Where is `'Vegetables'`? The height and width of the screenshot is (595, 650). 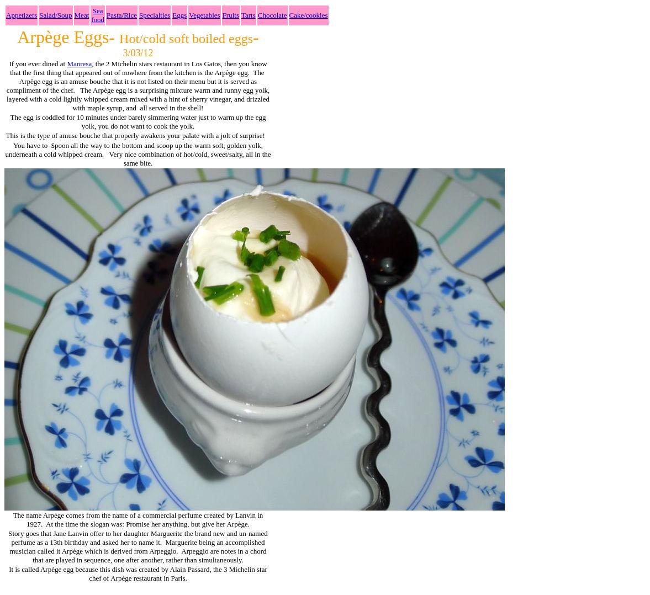 'Vegetables' is located at coordinates (204, 14).